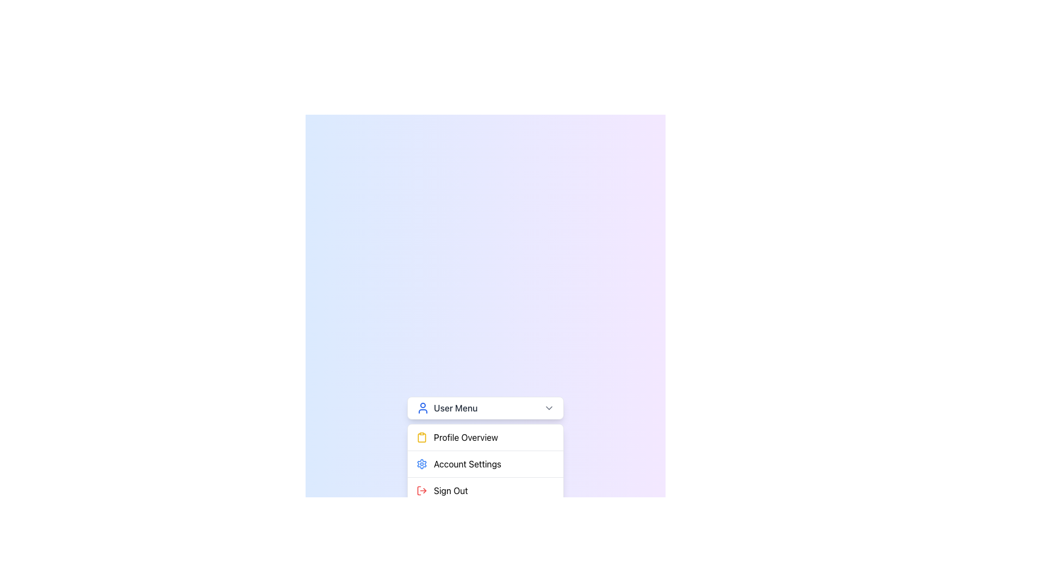 The image size is (1044, 587). Describe the element at coordinates (484, 464) in the screenshot. I see `the Dropdown Menu located directly below the 'User Menu' button` at that location.